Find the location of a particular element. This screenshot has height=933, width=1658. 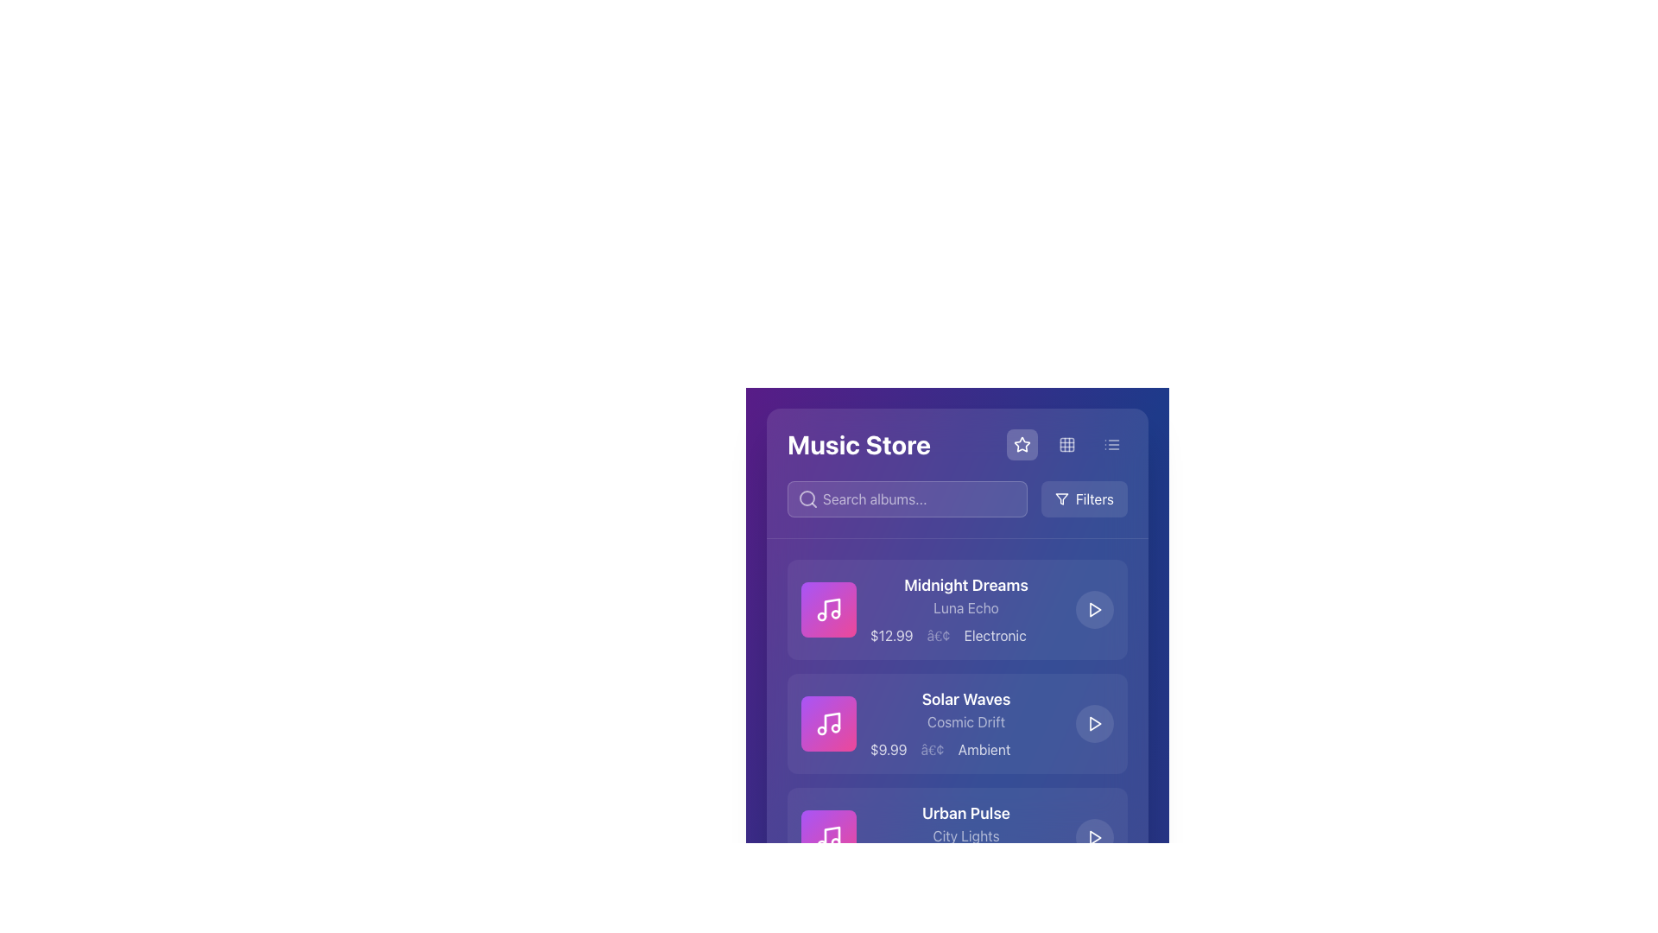

the third list item is located at coordinates (956, 836).